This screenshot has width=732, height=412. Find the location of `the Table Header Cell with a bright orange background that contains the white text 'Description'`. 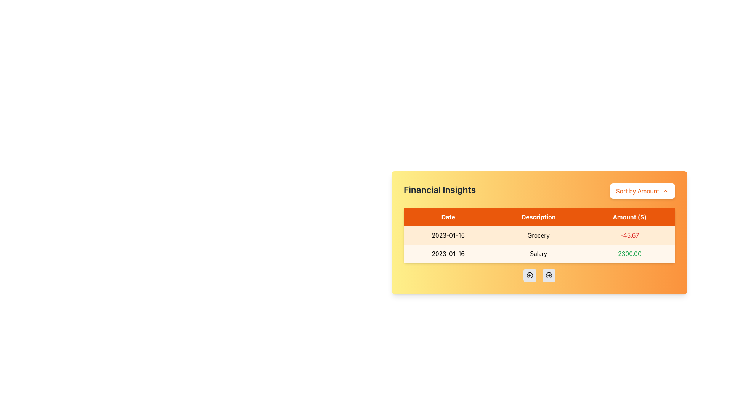

the Table Header Cell with a bright orange background that contains the white text 'Description' is located at coordinates (538, 217).